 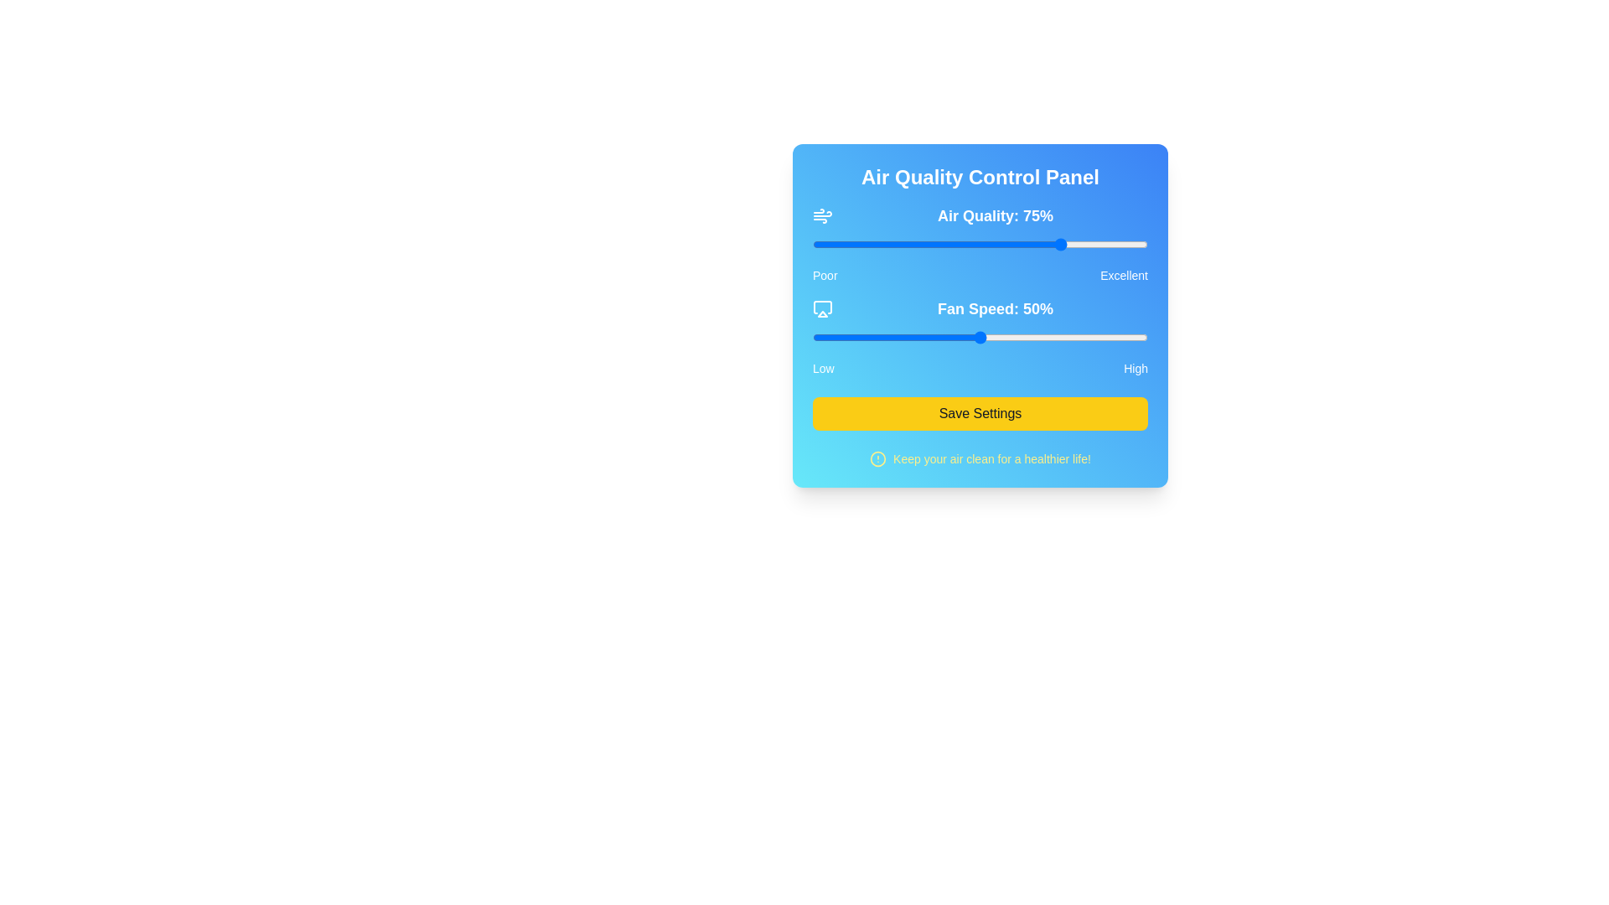 I want to click on the label displaying 'Low' and 'High', which is located below the 'Fan Speed: 50%' slider and above the 'Save Settings' button, so click(x=980, y=367).